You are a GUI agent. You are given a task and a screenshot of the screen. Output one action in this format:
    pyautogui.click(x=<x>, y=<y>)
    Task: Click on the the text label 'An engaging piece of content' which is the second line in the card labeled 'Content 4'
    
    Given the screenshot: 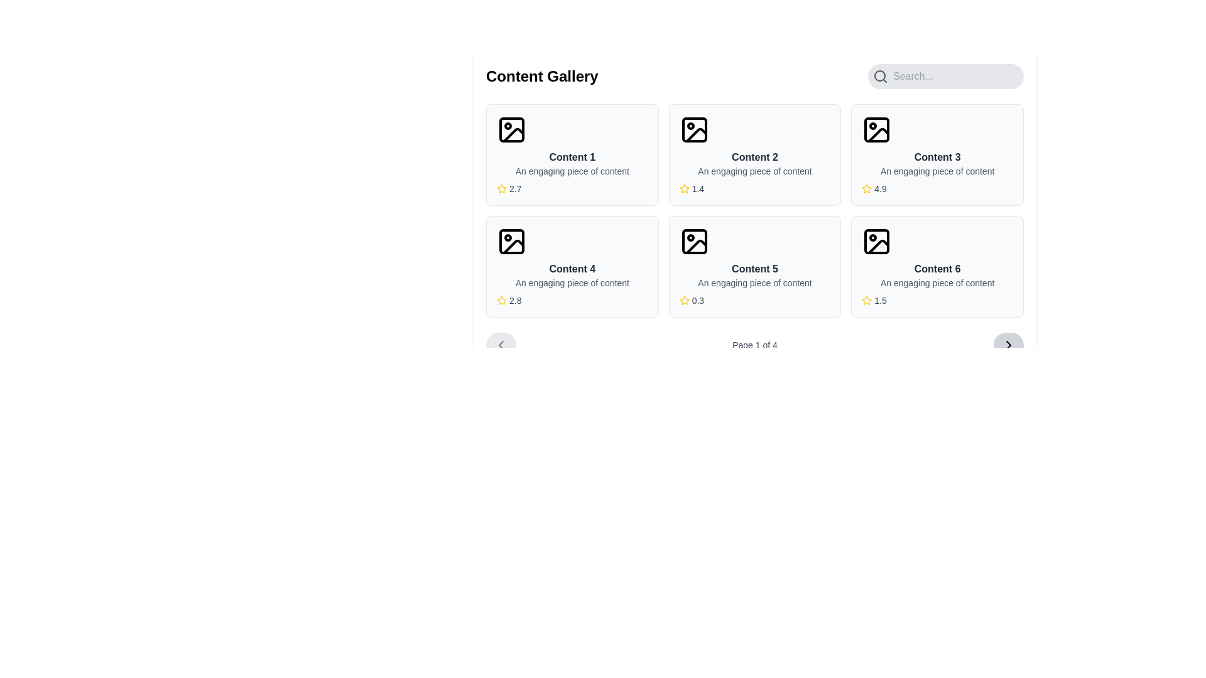 What is the action you would take?
    pyautogui.click(x=572, y=283)
    